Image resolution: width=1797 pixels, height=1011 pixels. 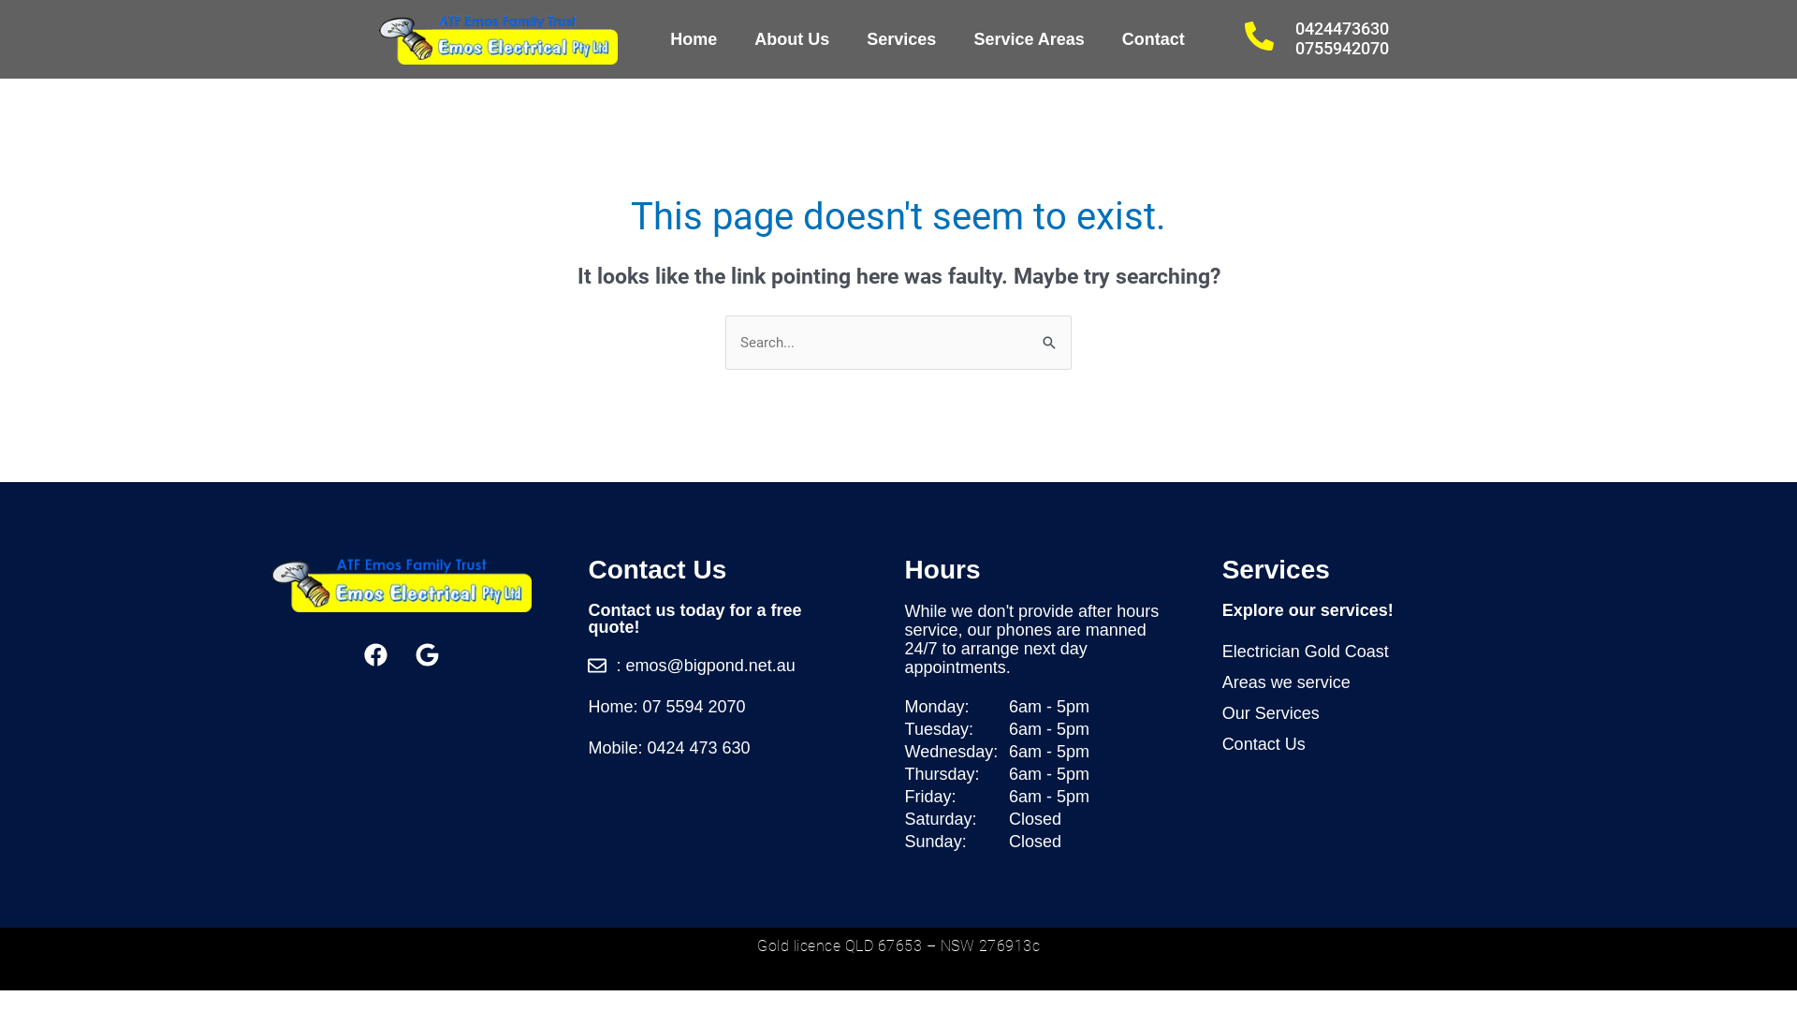 I want to click on '0424473630', so click(x=1341, y=28).